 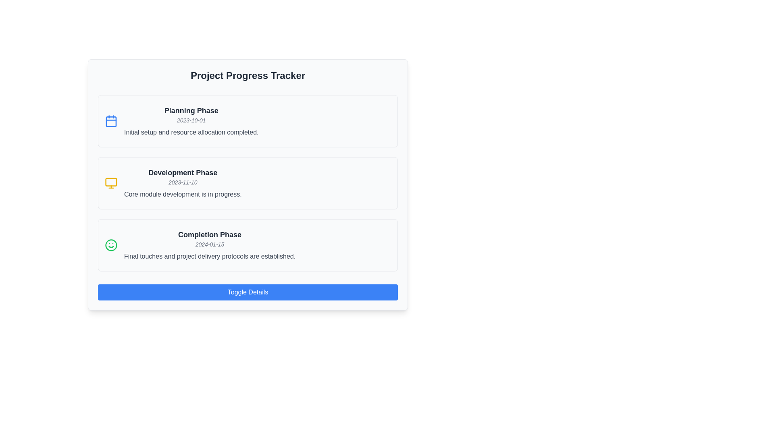 I want to click on the static text displaying '2023-11-10', which is styled in small italicized gray font and is positioned between the heading 'Development Phase' and the description of module progress, so click(x=182, y=182).